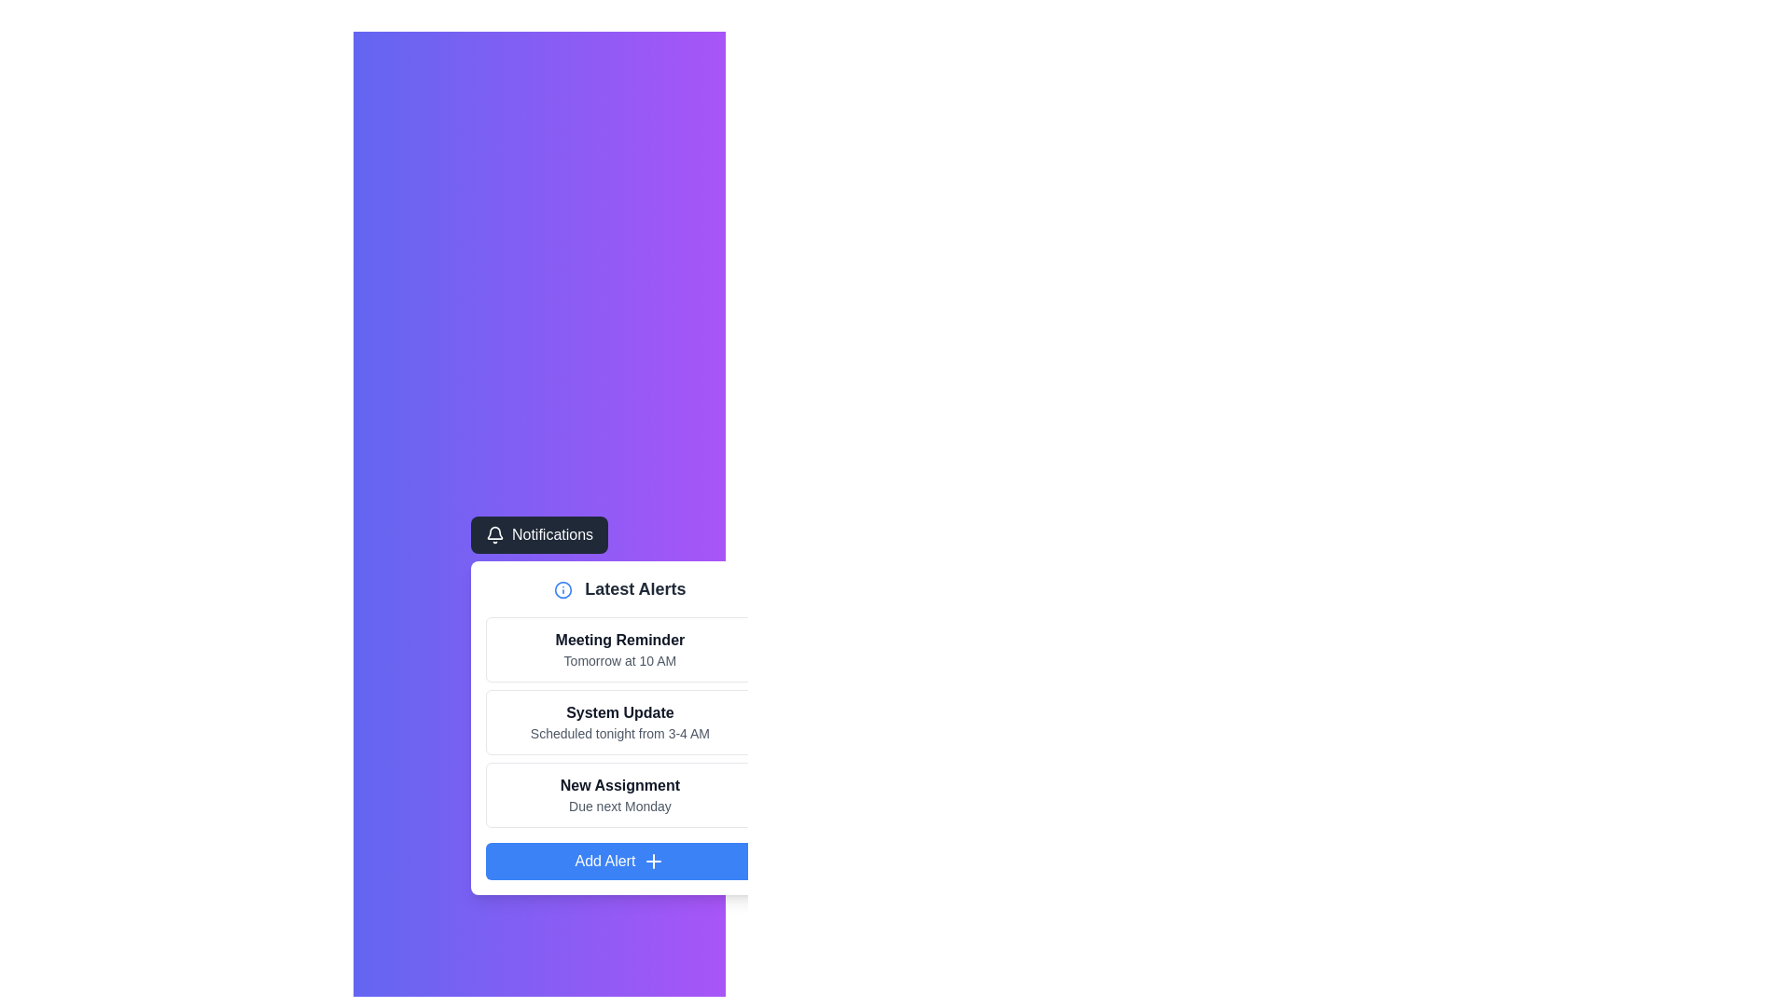 This screenshot has width=1791, height=1007. I want to click on the white bell icon, which is part of the 'Notifications' button, so click(494, 535).